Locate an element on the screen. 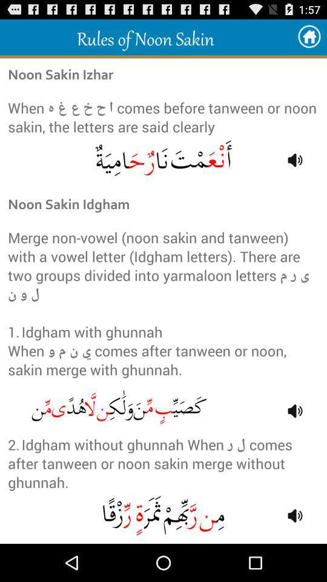 Image resolution: width=327 pixels, height=582 pixels. item next to rules of noon is located at coordinates (309, 37).